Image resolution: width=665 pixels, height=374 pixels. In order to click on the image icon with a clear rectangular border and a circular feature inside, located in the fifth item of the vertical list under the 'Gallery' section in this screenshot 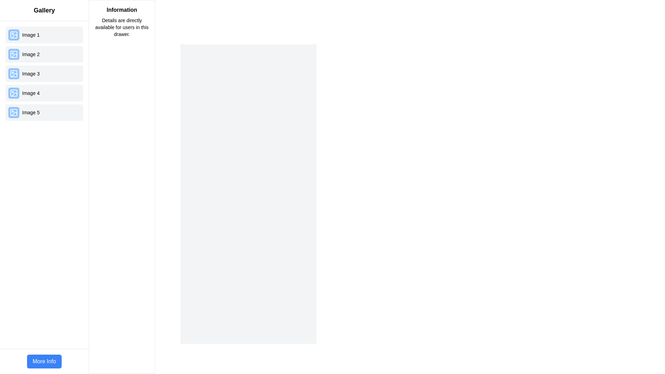, I will do `click(14, 112)`.